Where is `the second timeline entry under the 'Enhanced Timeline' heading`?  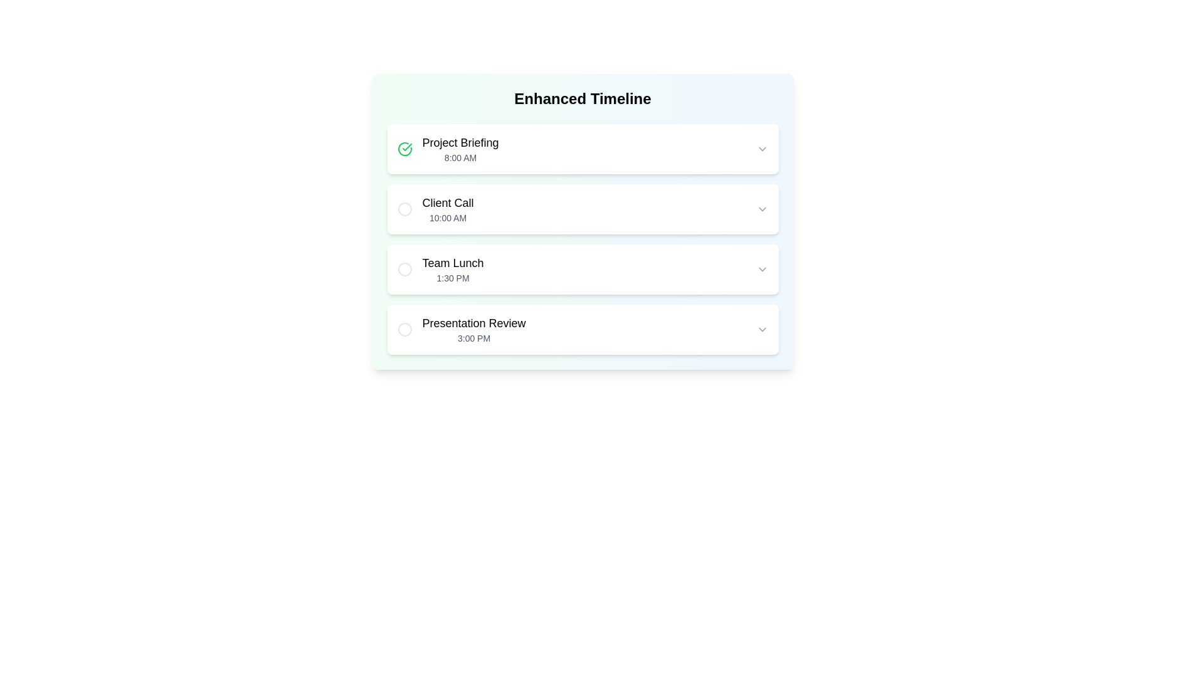 the second timeline entry under the 'Enhanced Timeline' heading is located at coordinates (435, 209).